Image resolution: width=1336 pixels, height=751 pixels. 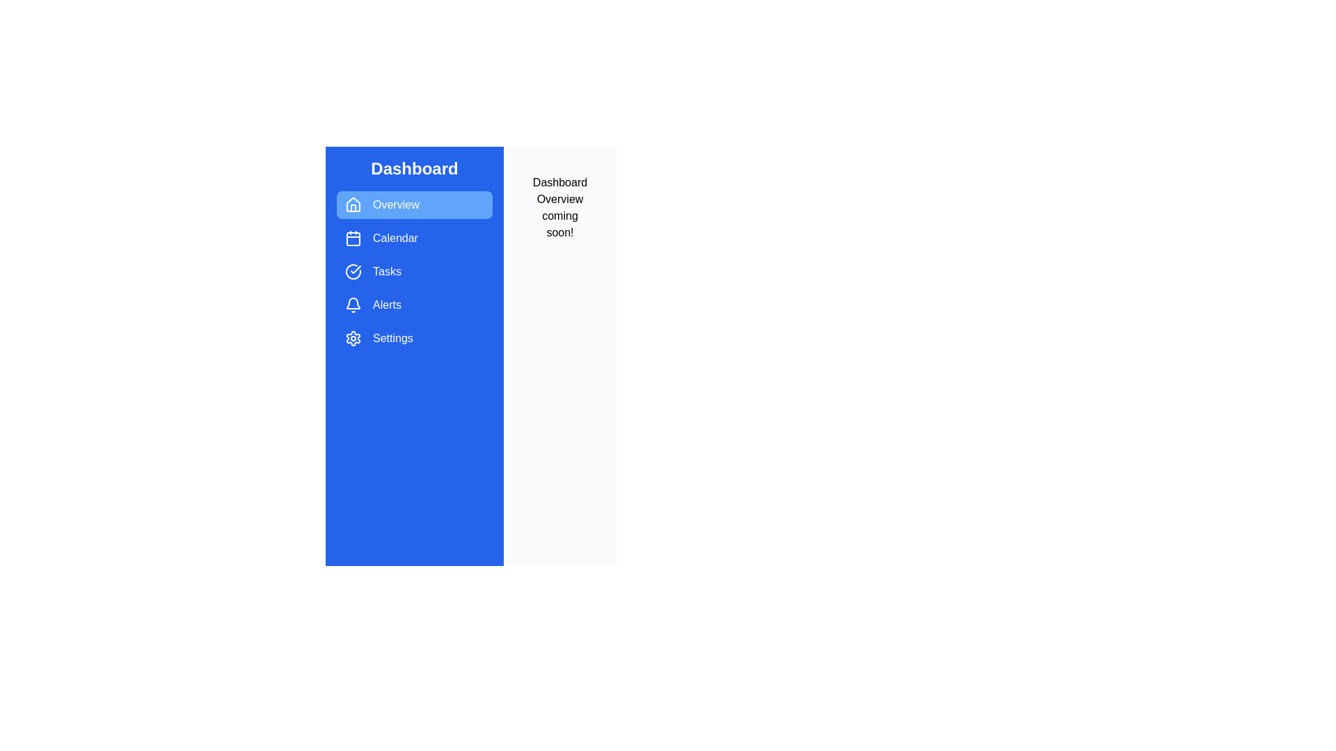 What do you see at coordinates (413, 271) in the screenshot?
I see `the third interactive button in the vertical navigation menu, located between the 'Calendar' and 'Alerts' buttons, to trigger hover effects` at bounding box center [413, 271].